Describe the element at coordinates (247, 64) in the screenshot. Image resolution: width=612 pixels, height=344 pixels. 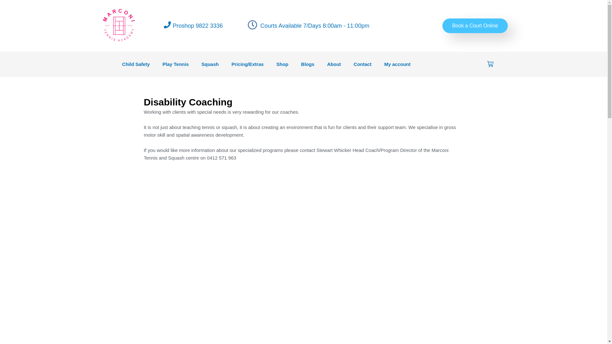
I see `'Pricing/Extras'` at that location.